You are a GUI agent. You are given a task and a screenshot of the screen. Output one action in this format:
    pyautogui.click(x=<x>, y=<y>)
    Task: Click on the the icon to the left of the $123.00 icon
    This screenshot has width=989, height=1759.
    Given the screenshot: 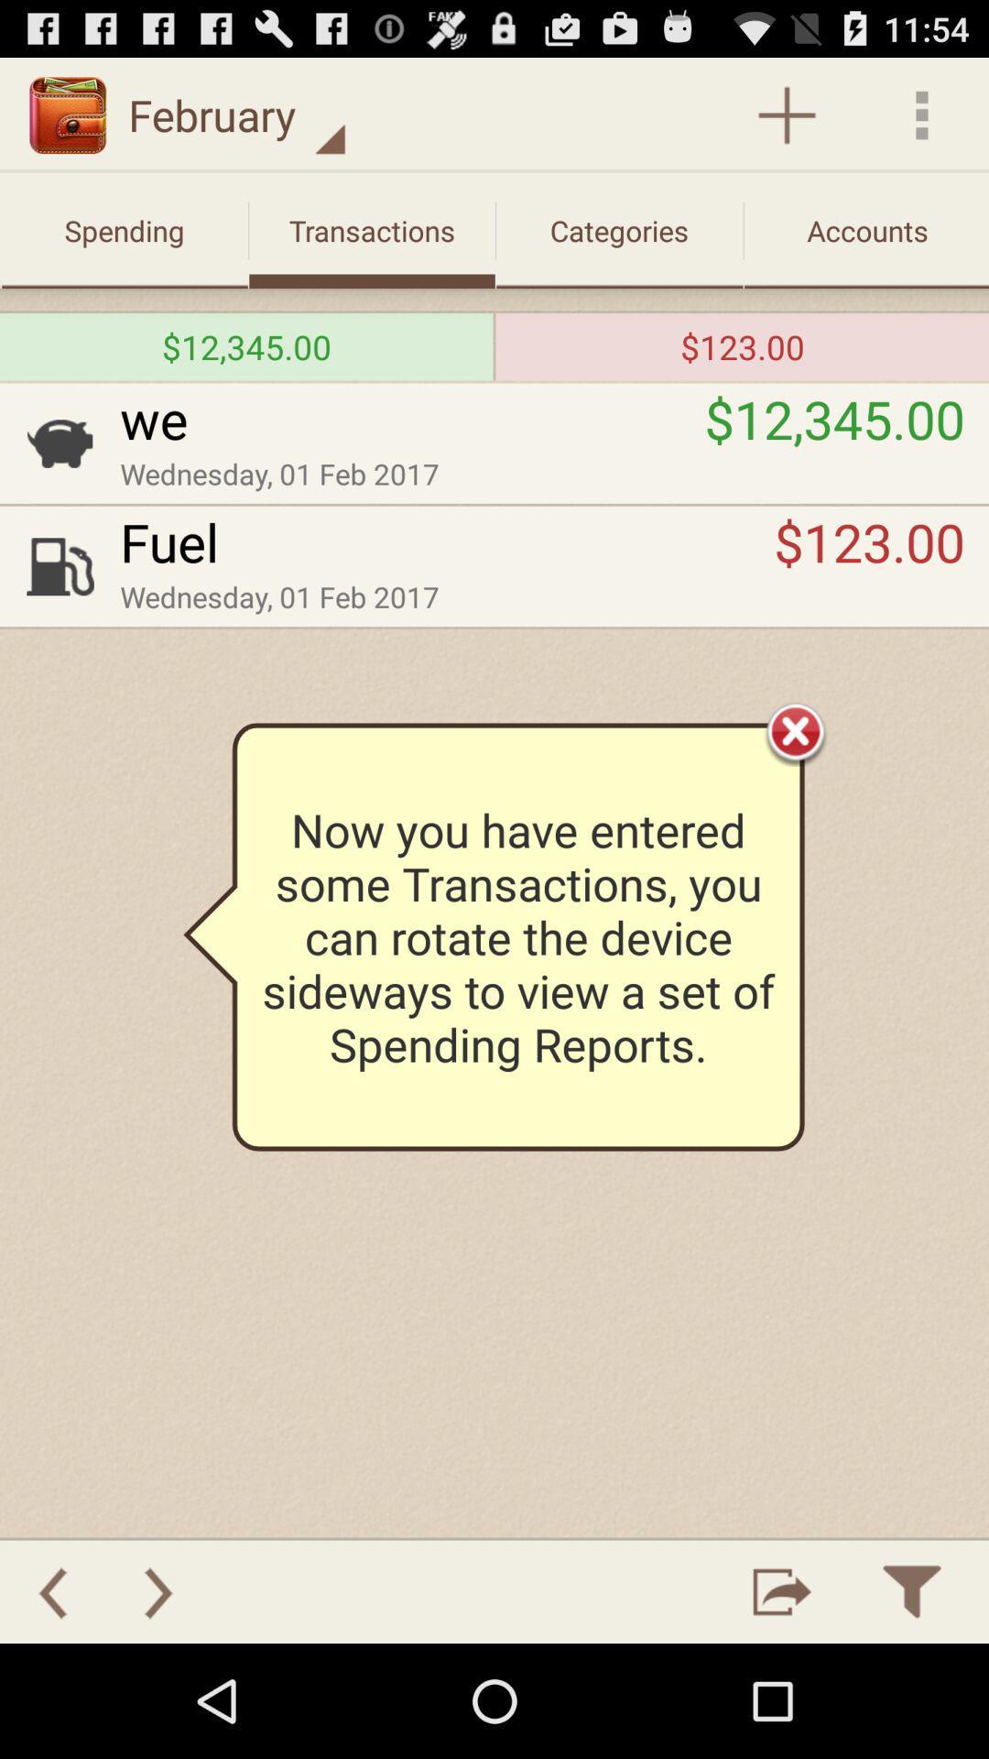 What is the action you would take?
    pyautogui.click(x=494, y=346)
    